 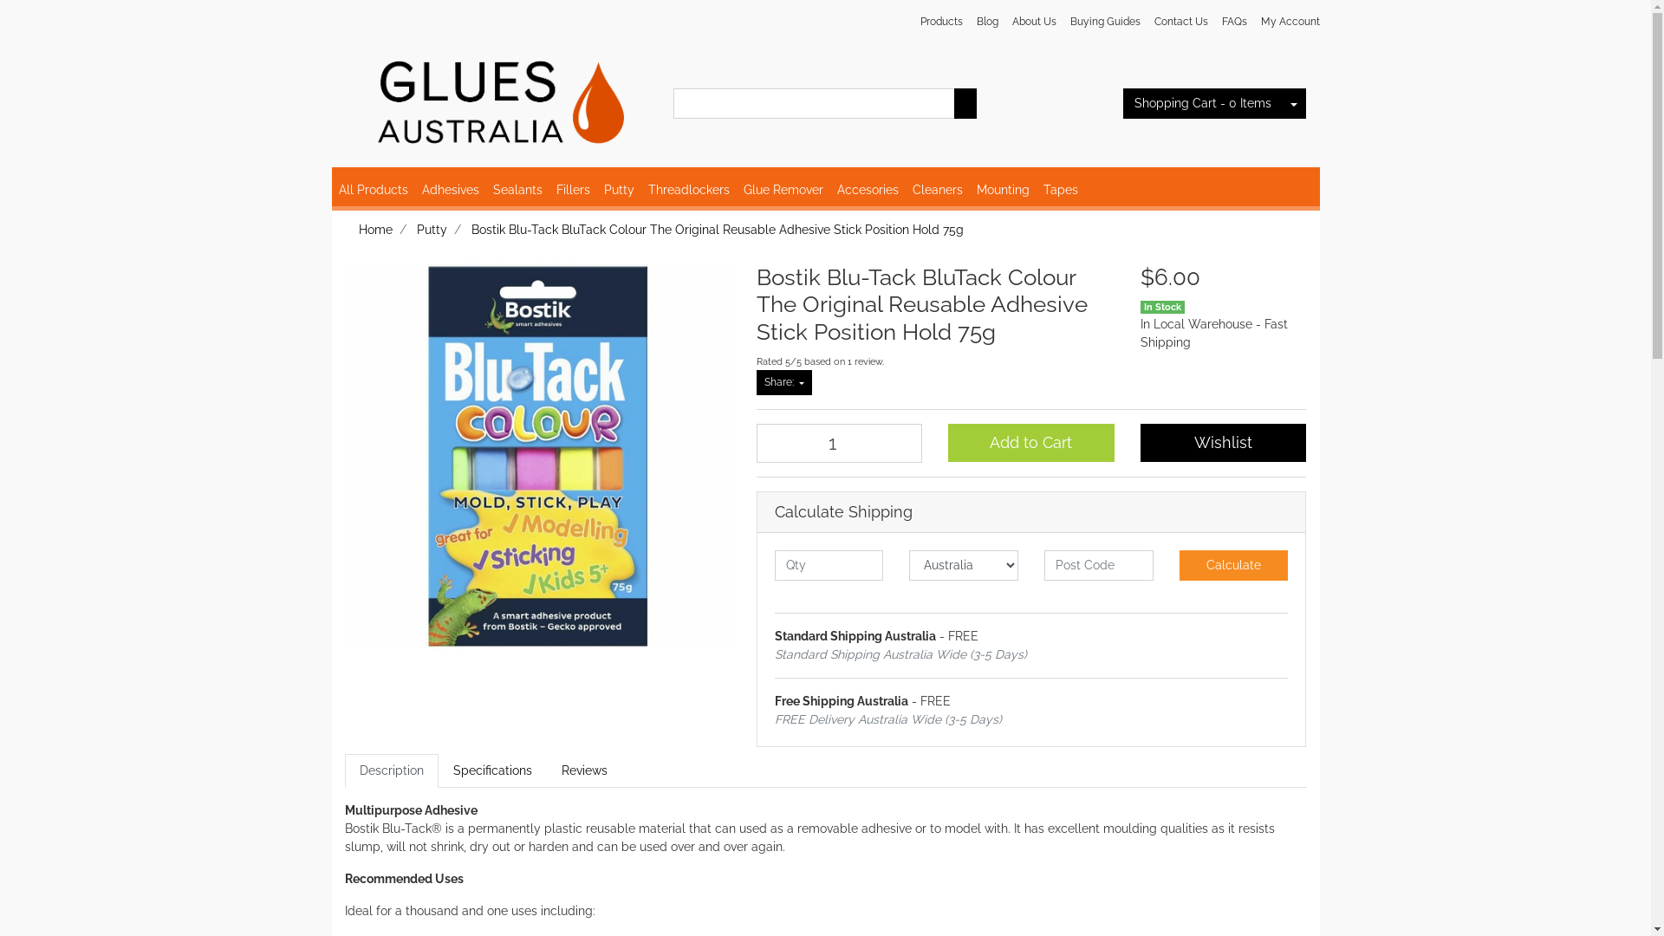 I want to click on 'FAQs', so click(x=1233, y=21).